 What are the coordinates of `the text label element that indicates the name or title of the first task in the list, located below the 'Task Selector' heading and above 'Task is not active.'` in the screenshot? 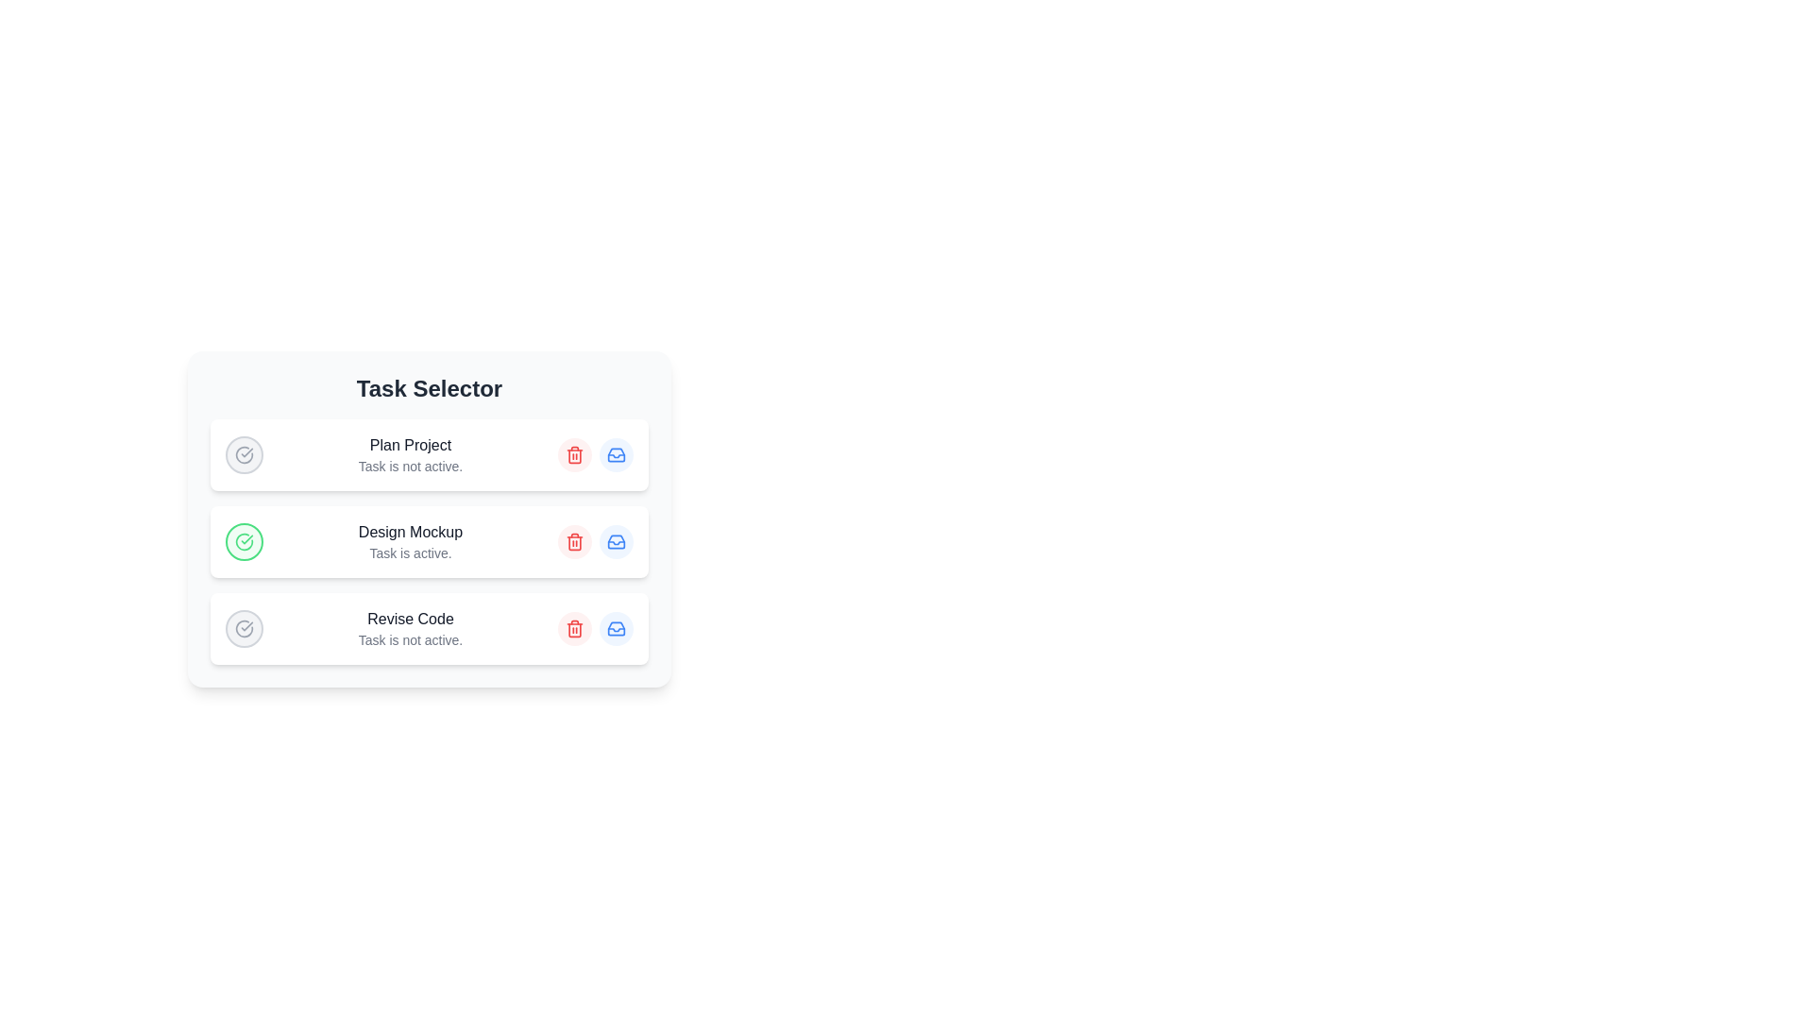 It's located at (410, 445).